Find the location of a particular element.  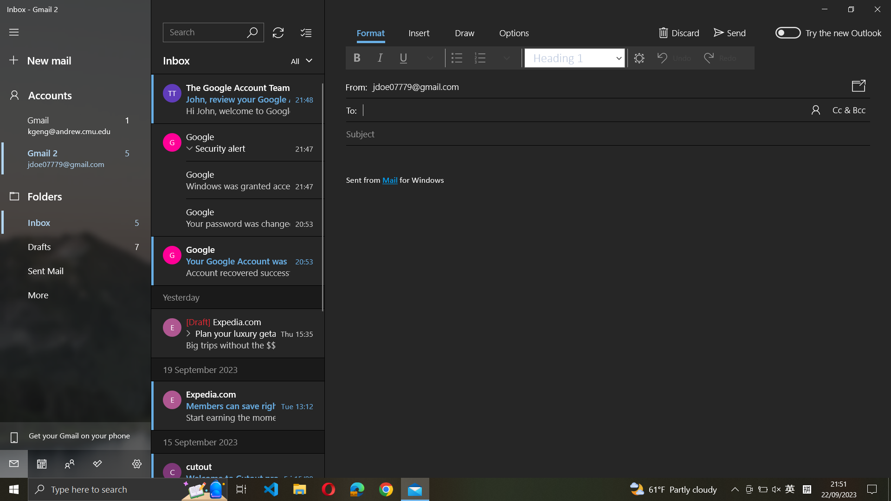

Add recipient as "xyz@gmail.com is located at coordinates (592, 109).